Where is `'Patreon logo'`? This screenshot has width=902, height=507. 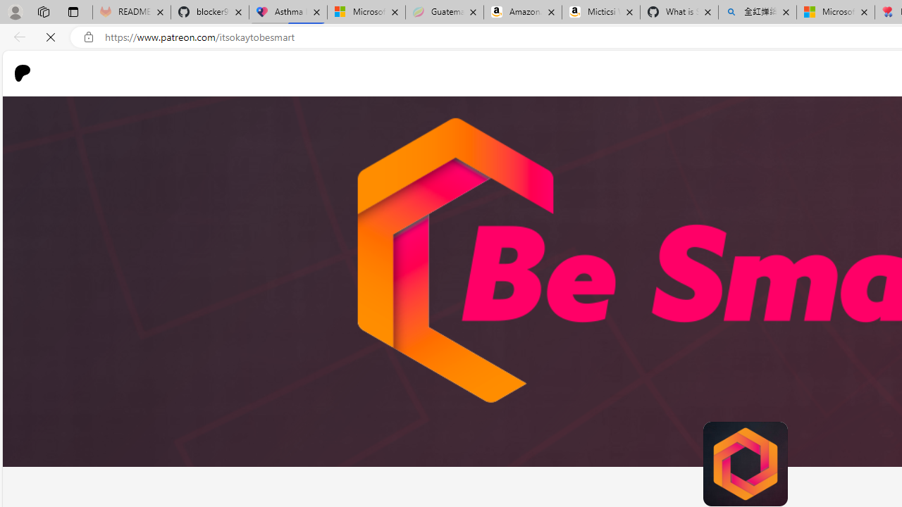 'Patreon logo' is located at coordinates (23, 73).